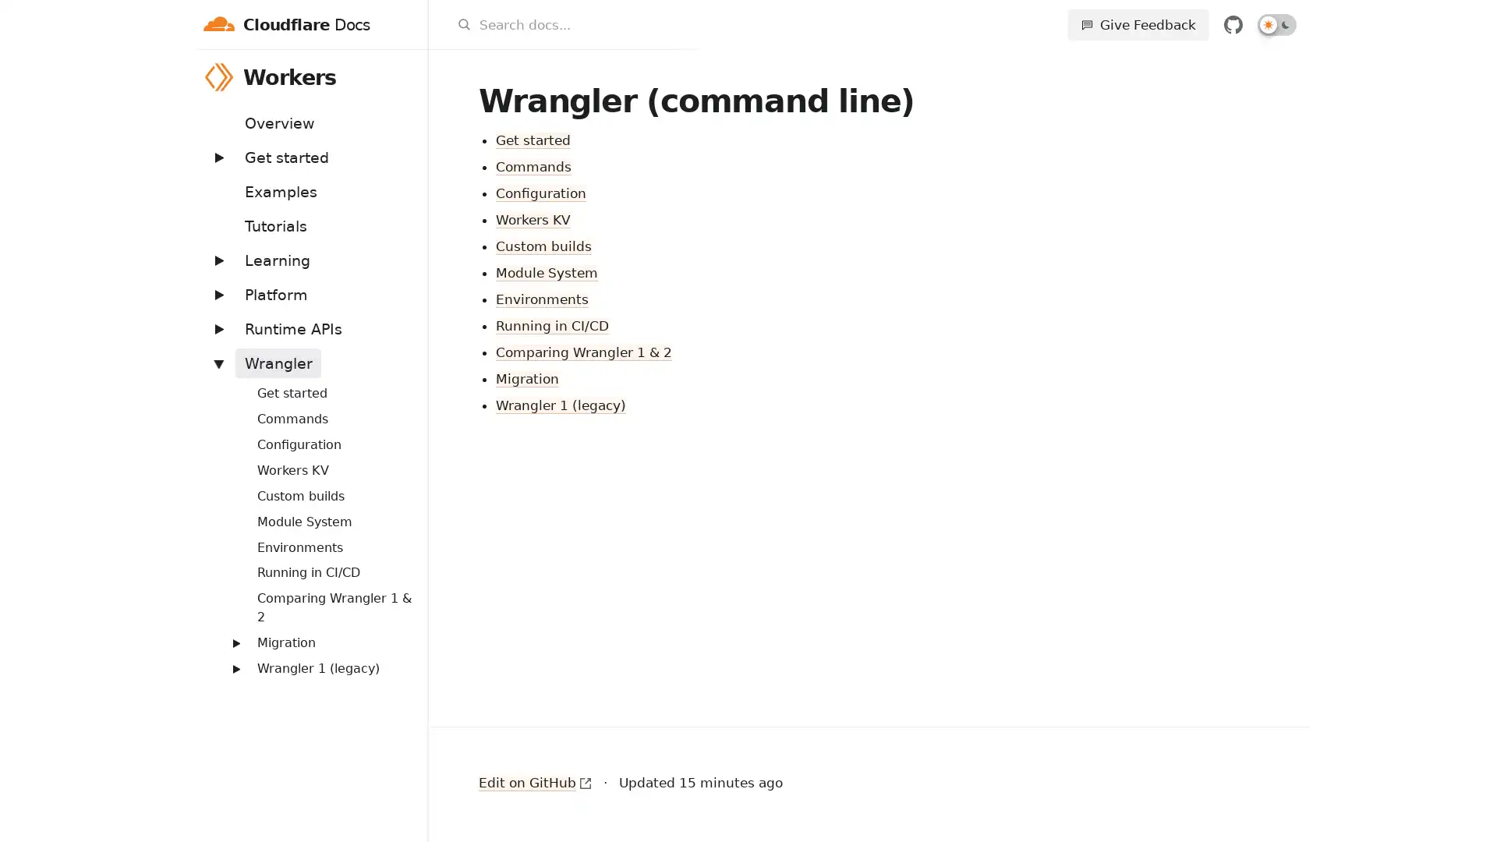  Describe the element at coordinates (407, 76) in the screenshot. I see `Workers menu` at that location.